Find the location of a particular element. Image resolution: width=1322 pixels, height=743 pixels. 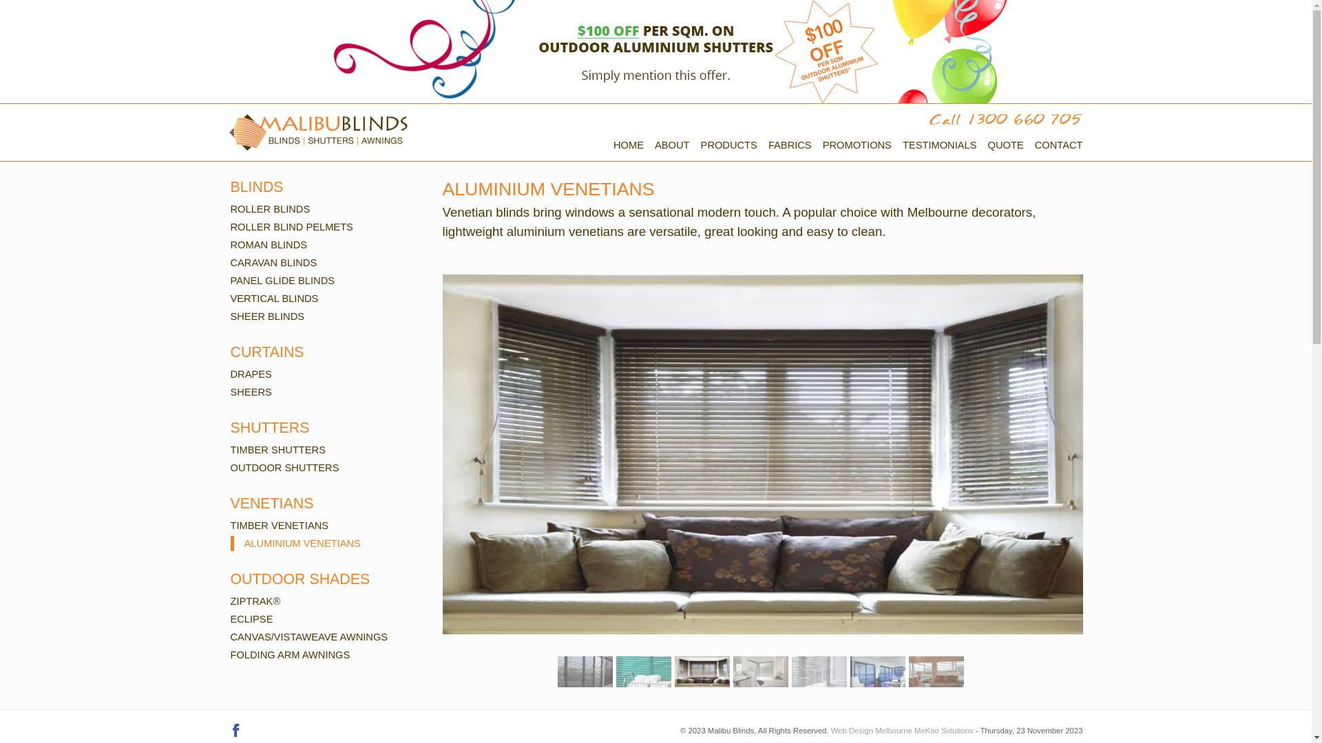

'ALUMINIUM VENETIANS' is located at coordinates (326, 543).